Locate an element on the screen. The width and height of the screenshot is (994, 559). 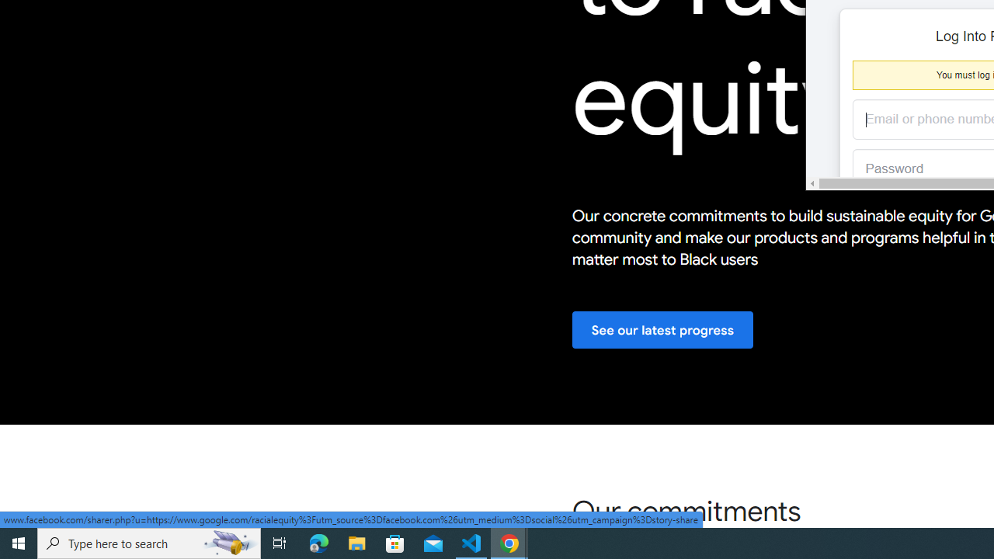
'Search highlights icon opens search home window' is located at coordinates (228, 542).